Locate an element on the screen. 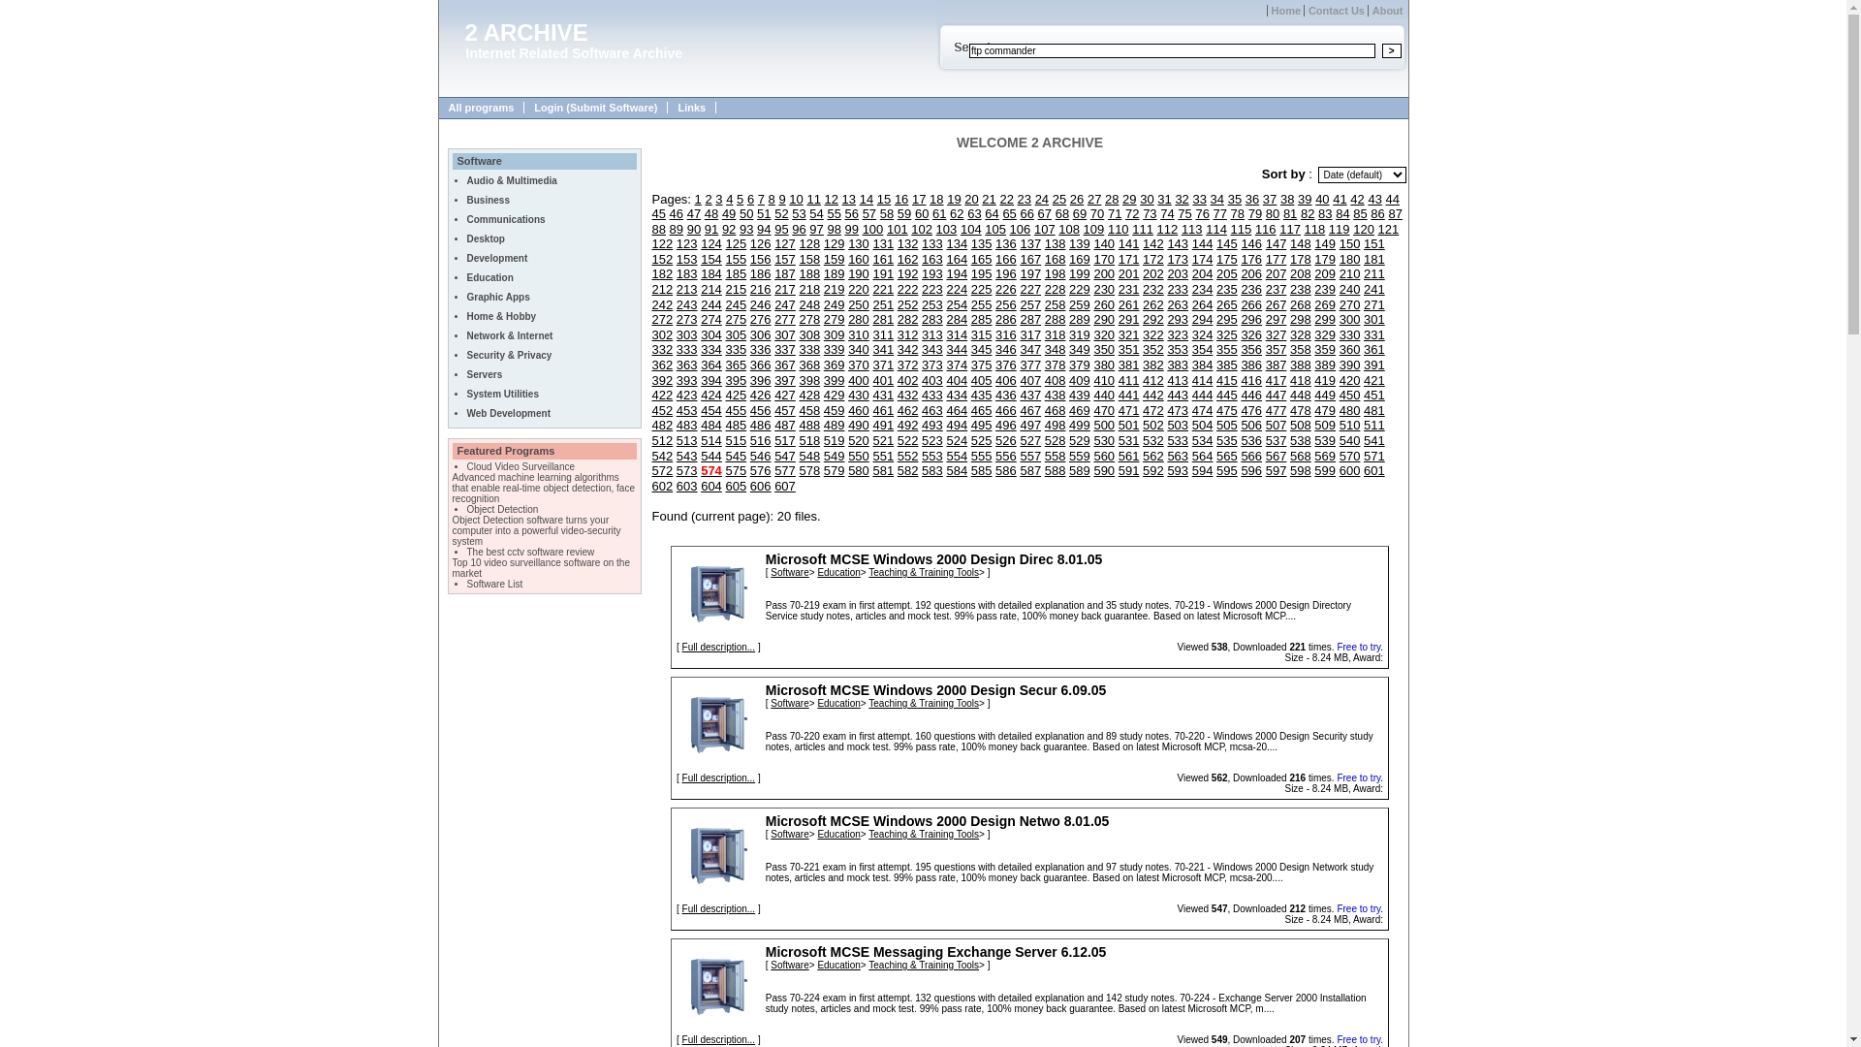 The width and height of the screenshot is (1861, 1047). '486' is located at coordinates (760, 424).